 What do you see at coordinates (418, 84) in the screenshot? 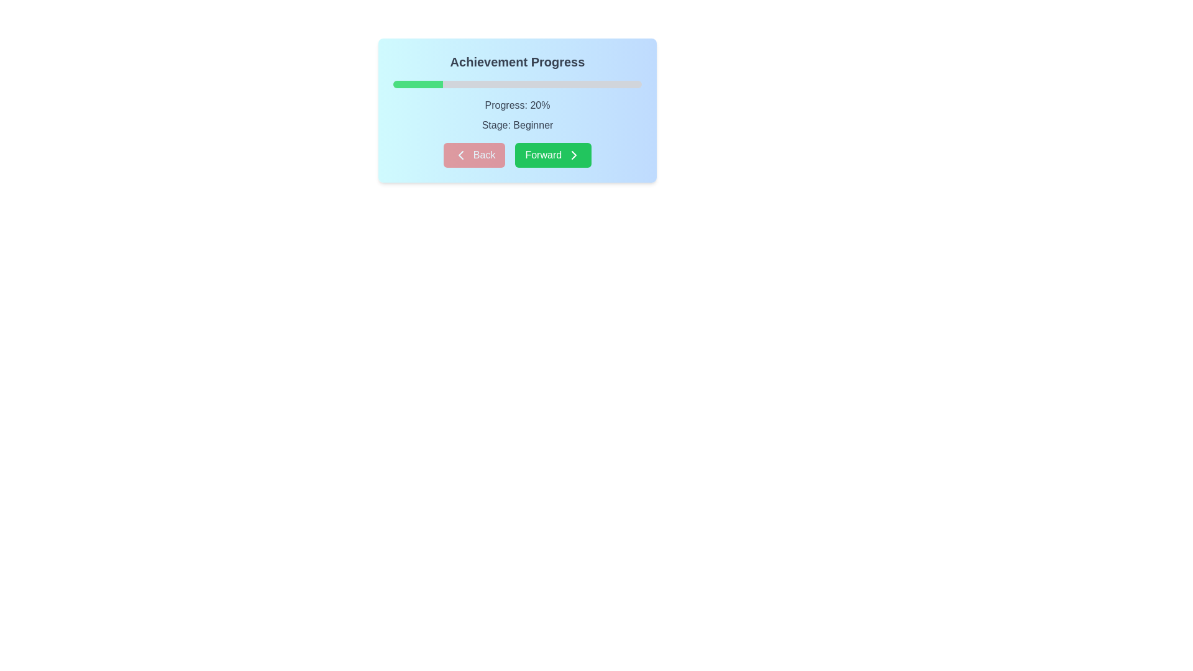
I see `the filled section of the progress bar indicating 20% completion under the 'Achievement Progress' heading` at bounding box center [418, 84].